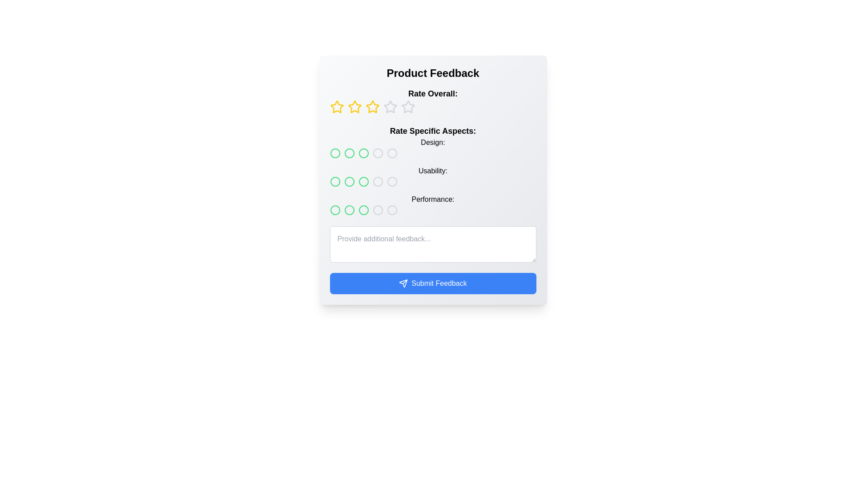 The image size is (854, 480). I want to click on the text label displaying 'Design:' which is aligned centrally above the rating circles in the 'Rate Specific Aspects:' section, so click(433, 147).